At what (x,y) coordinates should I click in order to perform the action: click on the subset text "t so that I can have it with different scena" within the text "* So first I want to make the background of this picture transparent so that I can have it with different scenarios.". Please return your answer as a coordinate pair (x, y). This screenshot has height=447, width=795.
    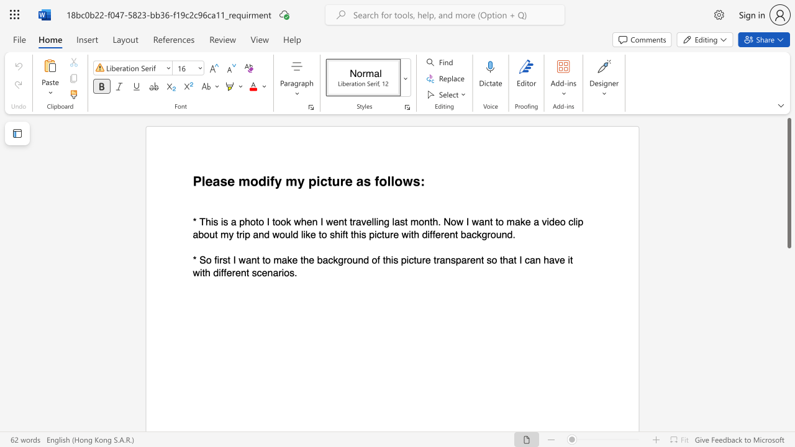
    Looking at the image, I should click on (480, 259).